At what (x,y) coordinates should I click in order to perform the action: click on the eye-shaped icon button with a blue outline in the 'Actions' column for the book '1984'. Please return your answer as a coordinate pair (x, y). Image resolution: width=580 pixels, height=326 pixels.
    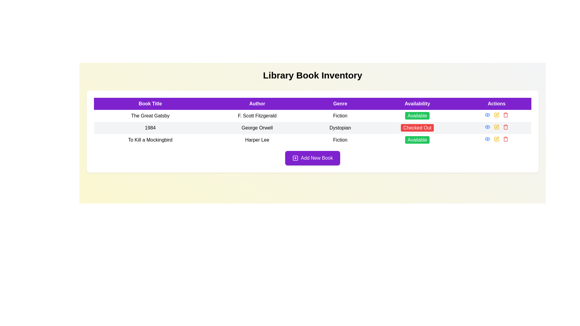
    Looking at the image, I should click on (488, 139).